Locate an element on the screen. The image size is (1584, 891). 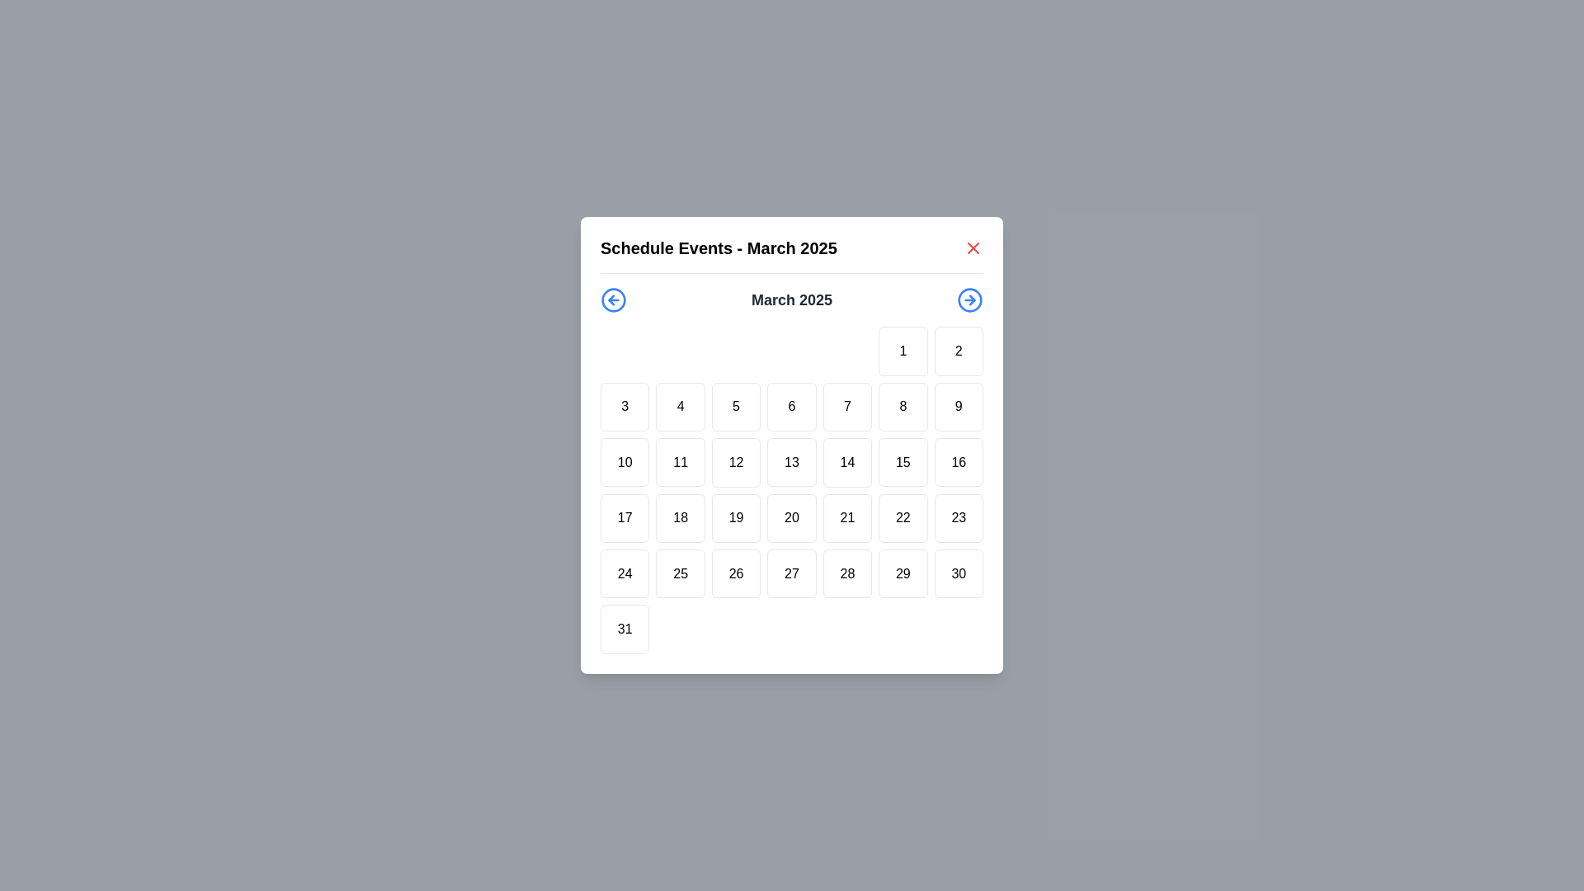
the square-shaped button containing the number '3' is located at coordinates (624, 407).